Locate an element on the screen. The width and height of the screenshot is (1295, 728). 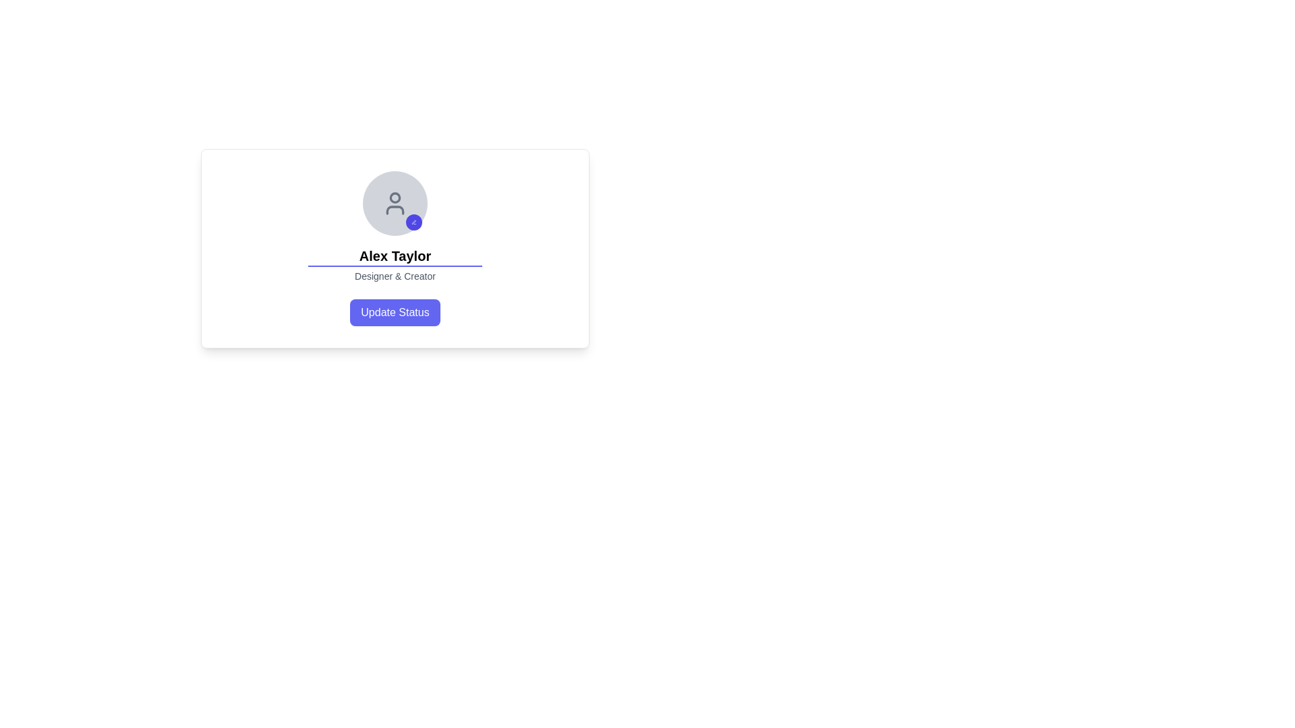
the user name text label located at the top-center of the profile card, which is above the user's role description and below the profile icon is located at coordinates (394, 257).